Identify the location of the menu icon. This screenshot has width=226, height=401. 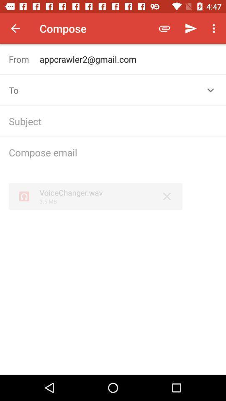
(215, 28).